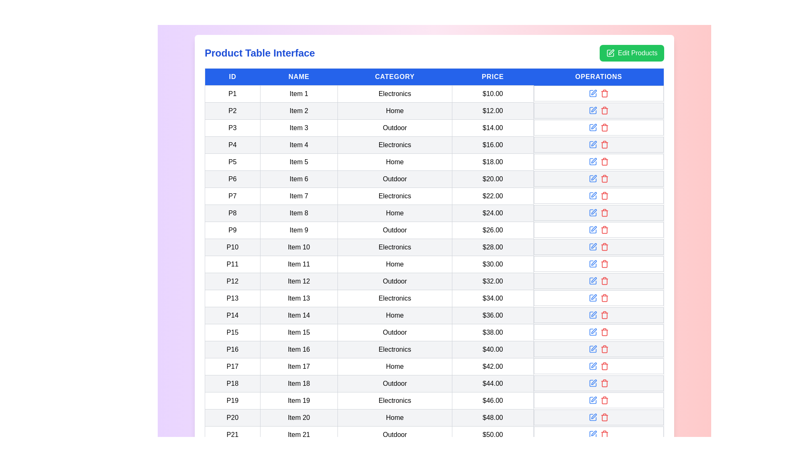 This screenshot has width=799, height=449. What do you see at coordinates (604, 93) in the screenshot?
I see `the 'Delete' icon in the Operations column for the row with ID 'P1'` at bounding box center [604, 93].